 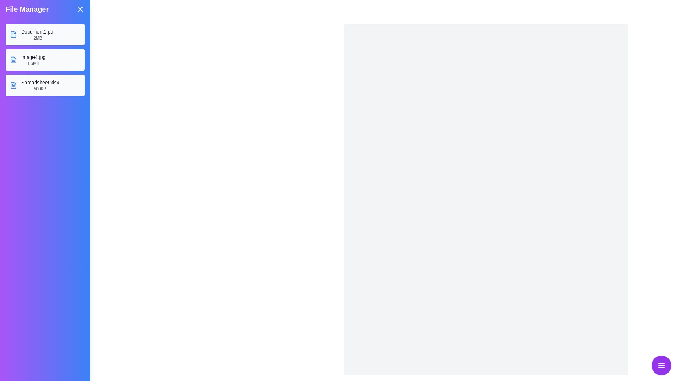 What do you see at coordinates (45, 59) in the screenshot?
I see `the second file item card in the file manager, which is positioned between 'Document1.pdf' and 'Spreadsheet.xlsx'` at bounding box center [45, 59].